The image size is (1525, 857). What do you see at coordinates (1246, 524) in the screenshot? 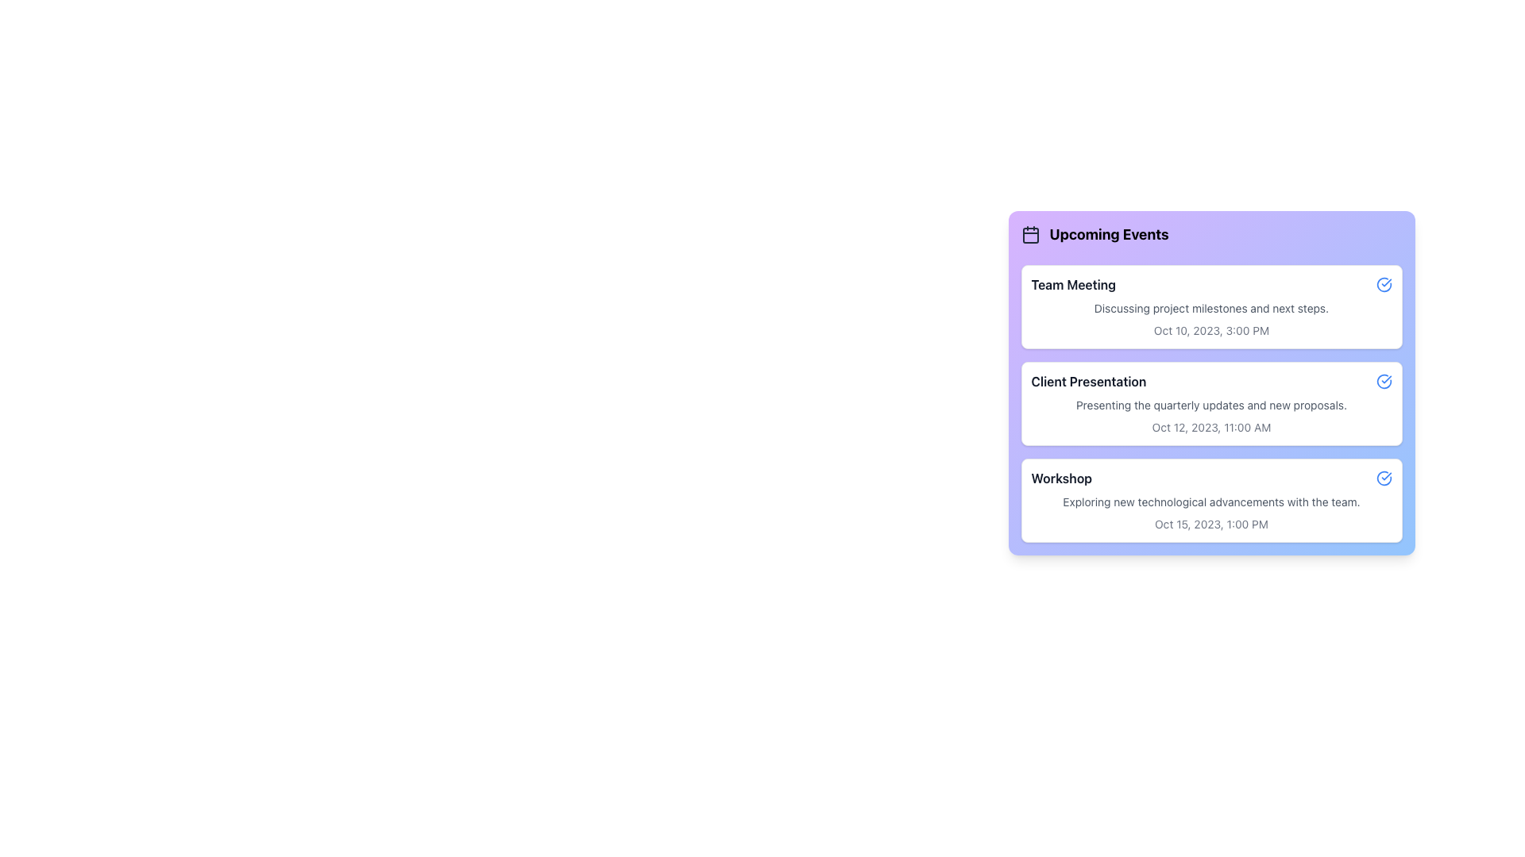
I see `the editable text '1:00 PM' from the time component label within the 'Workshop' card` at bounding box center [1246, 524].